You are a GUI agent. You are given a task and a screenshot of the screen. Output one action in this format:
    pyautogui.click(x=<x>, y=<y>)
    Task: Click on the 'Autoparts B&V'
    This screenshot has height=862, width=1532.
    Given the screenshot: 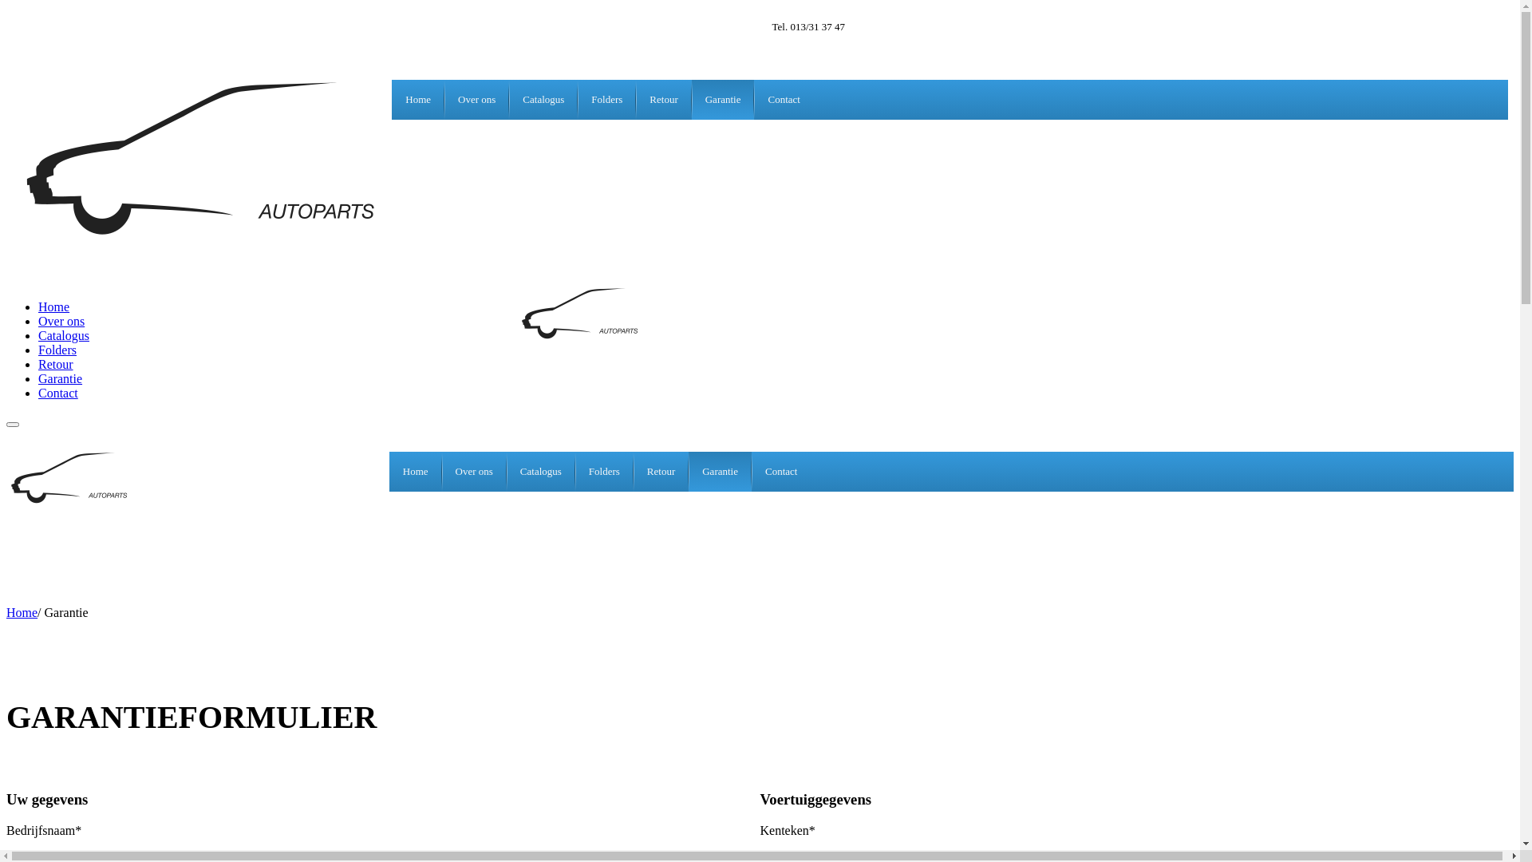 What is the action you would take?
    pyautogui.click(x=73, y=503)
    